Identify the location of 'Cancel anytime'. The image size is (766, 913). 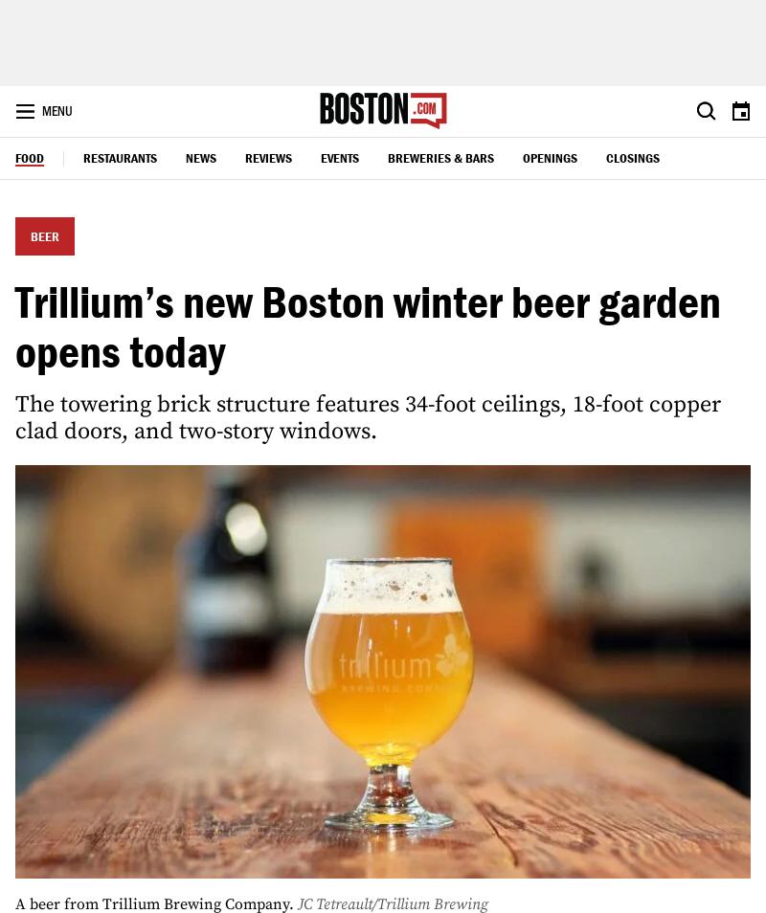
(351, 686).